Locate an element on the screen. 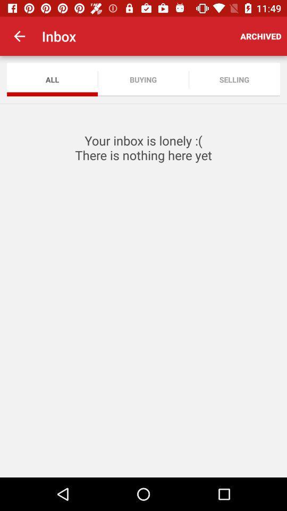  icon below the archived is located at coordinates (234, 79).